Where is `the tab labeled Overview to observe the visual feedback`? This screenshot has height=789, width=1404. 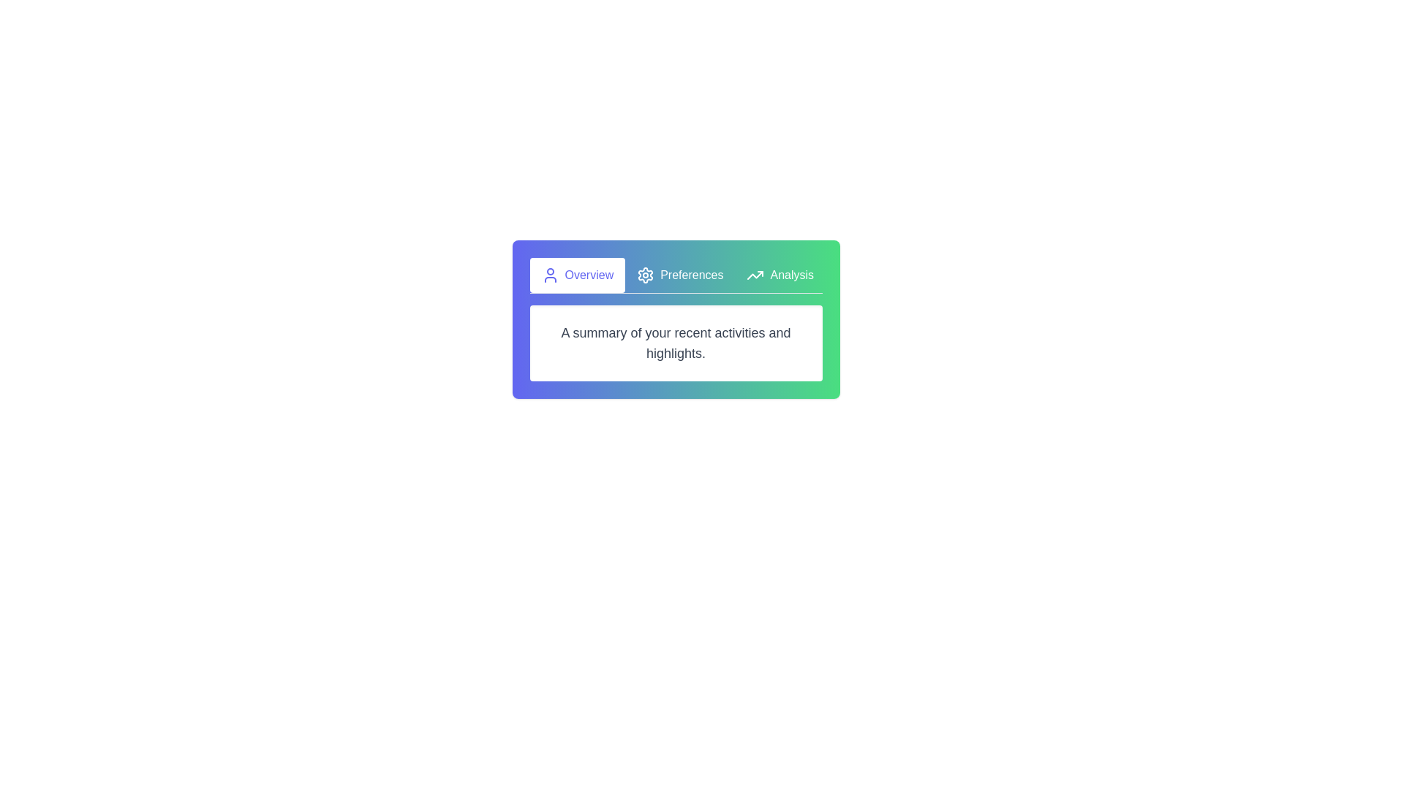
the tab labeled Overview to observe the visual feedback is located at coordinates (575, 275).